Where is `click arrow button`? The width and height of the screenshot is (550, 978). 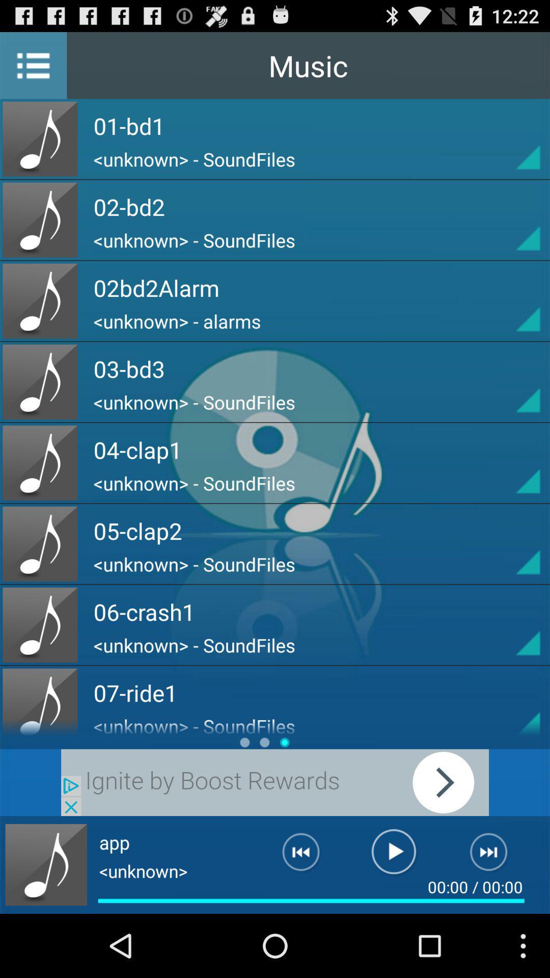
click arrow button is located at coordinates (510, 544).